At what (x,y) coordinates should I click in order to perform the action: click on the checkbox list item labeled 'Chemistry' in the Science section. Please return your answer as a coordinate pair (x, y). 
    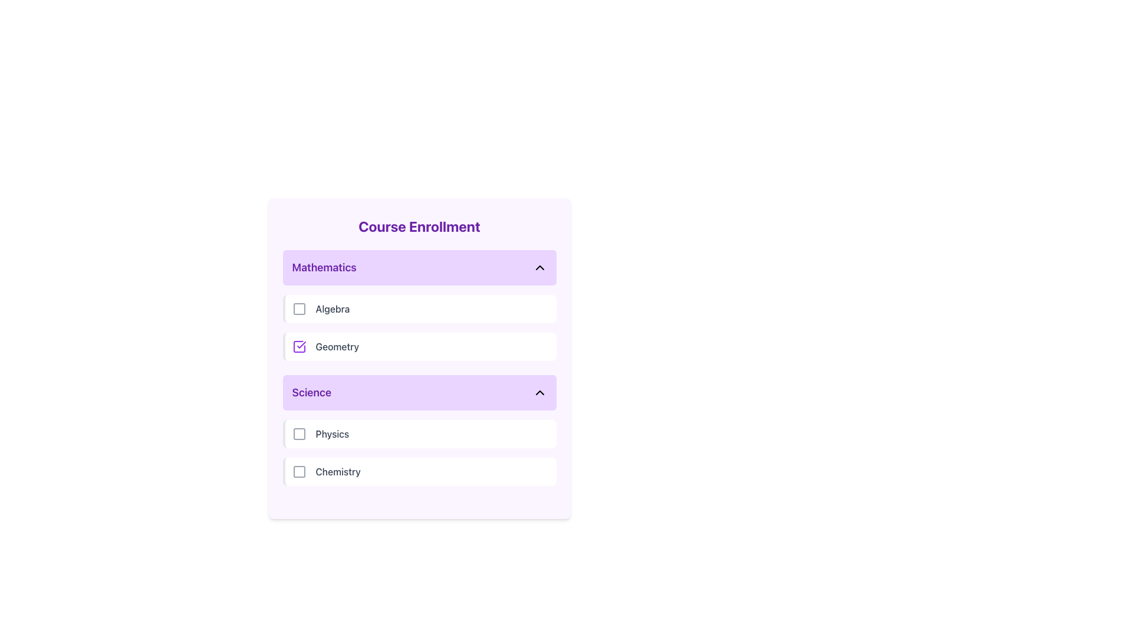
    Looking at the image, I should click on (419, 471).